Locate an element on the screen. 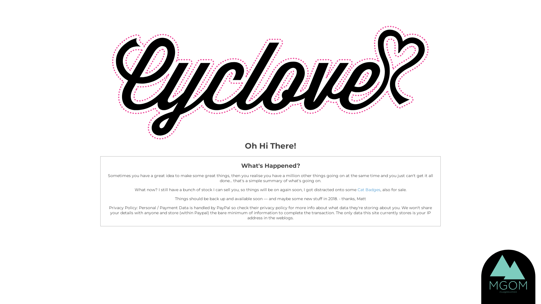 The height and width of the screenshot is (304, 541). 'Cat Badges' is located at coordinates (357, 190).